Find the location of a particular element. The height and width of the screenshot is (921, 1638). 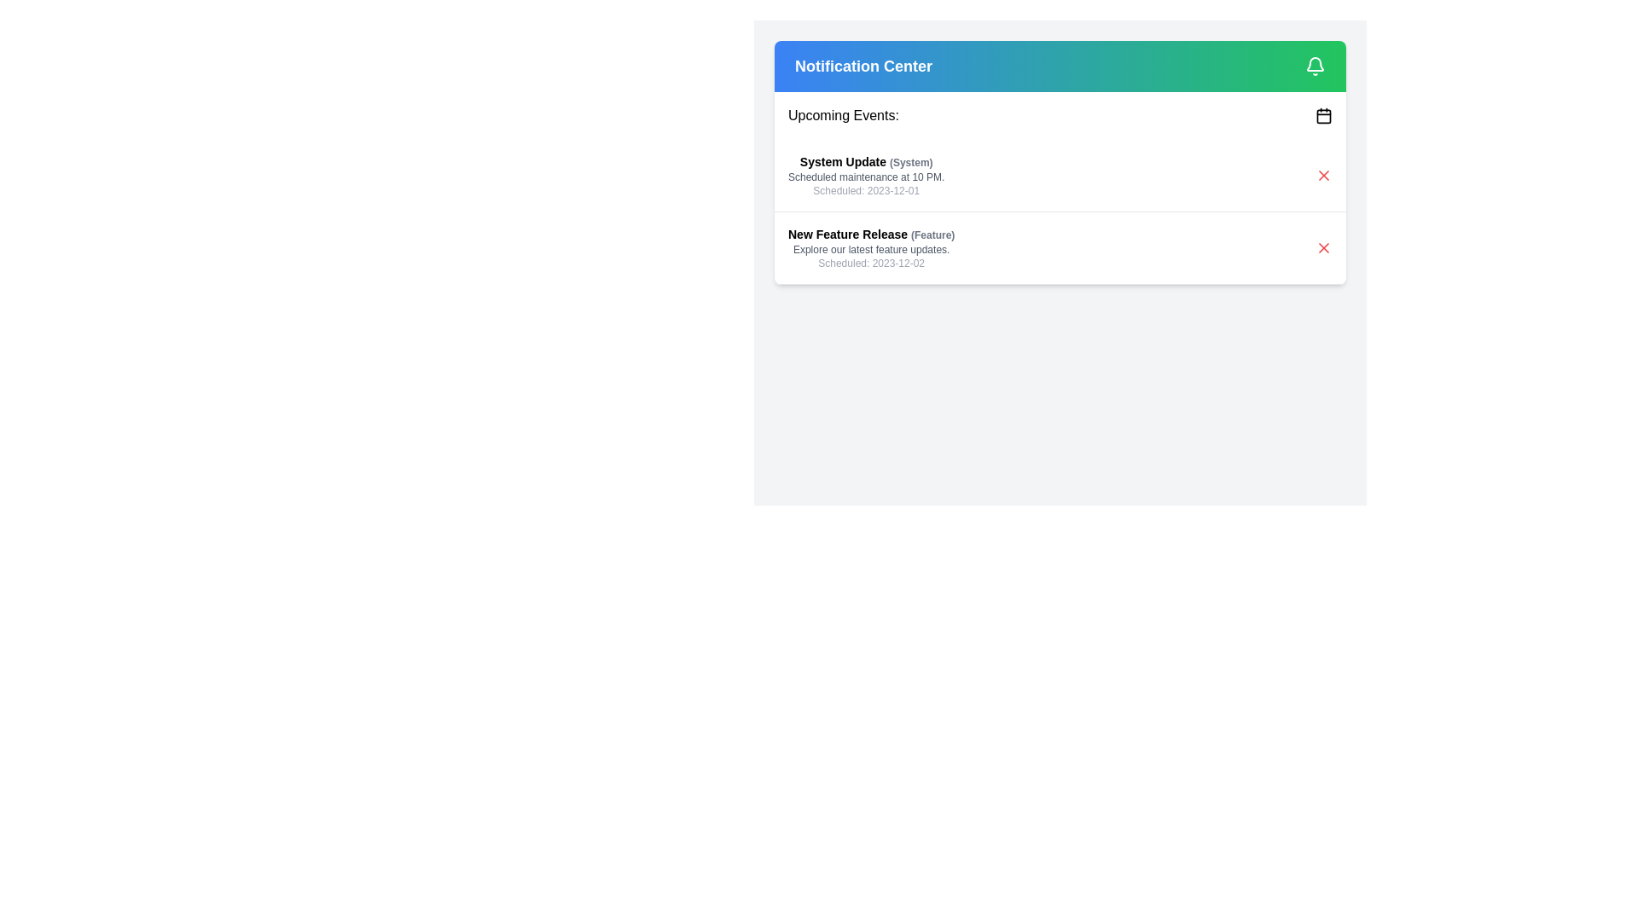

text content of the notification block titled 'New Feature Release', which includes a description and scheduling information is located at coordinates (871, 247).